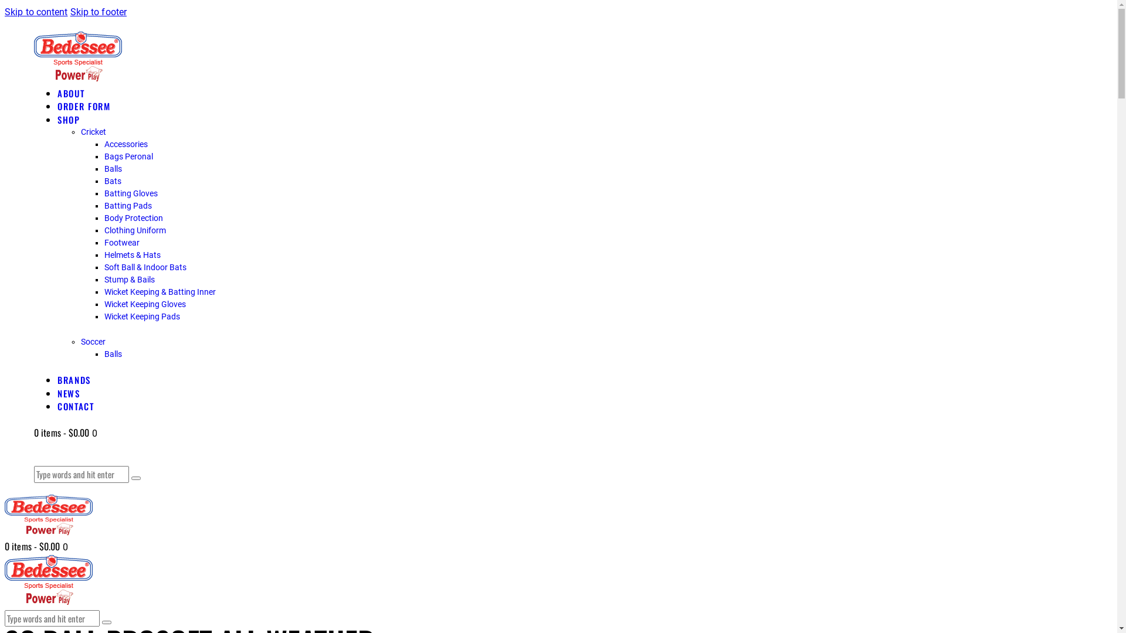 The height and width of the screenshot is (633, 1126). What do you see at coordinates (144, 304) in the screenshot?
I see `'Wicket Keeping Gloves'` at bounding box center [144, 304].